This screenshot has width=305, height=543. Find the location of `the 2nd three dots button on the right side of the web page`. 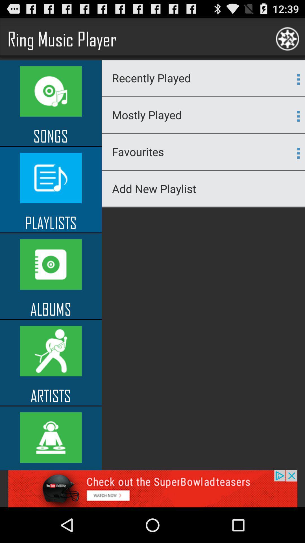

the 2nd three dots button on the right side of the web page is located at coordinates (298, 116).